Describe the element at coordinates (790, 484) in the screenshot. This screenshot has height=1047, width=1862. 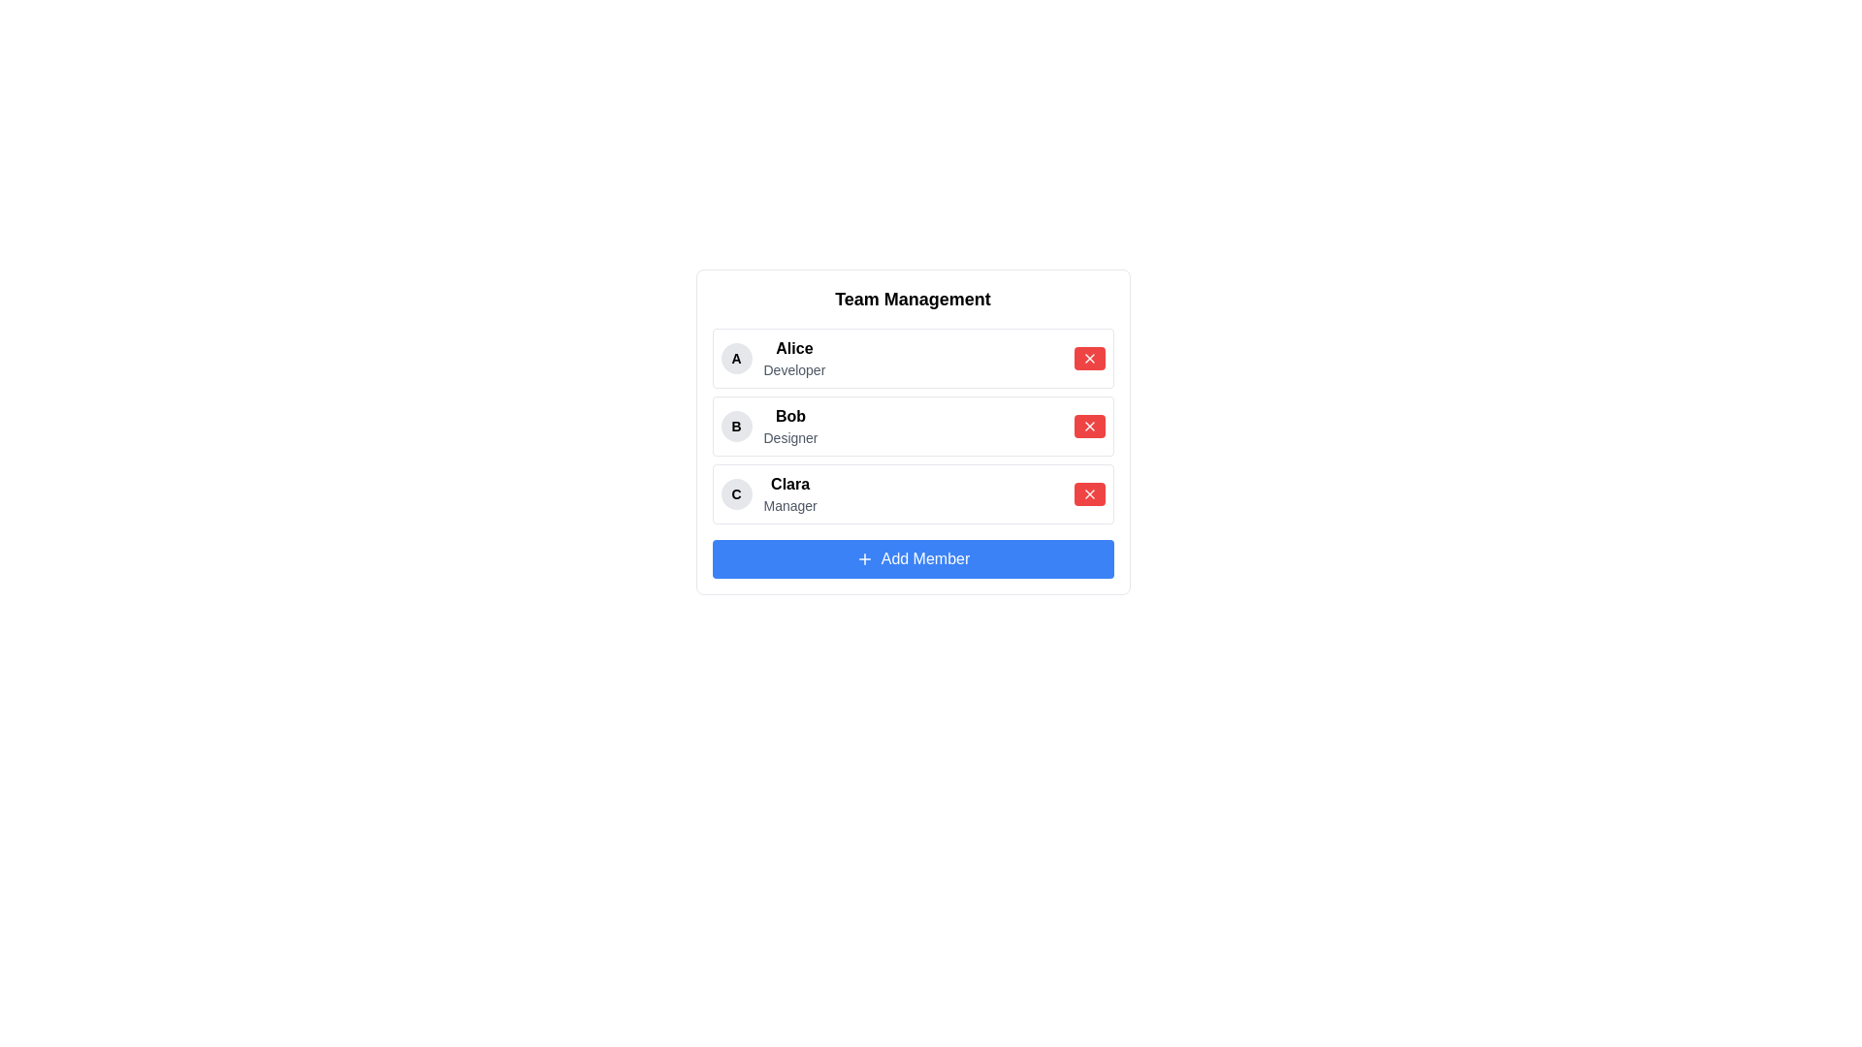
I see `text label displaying the name 'Clara' which is emphasized in a font-semibold style, located in the third row of a vertical list in the 'Team Management' interface` at that location.